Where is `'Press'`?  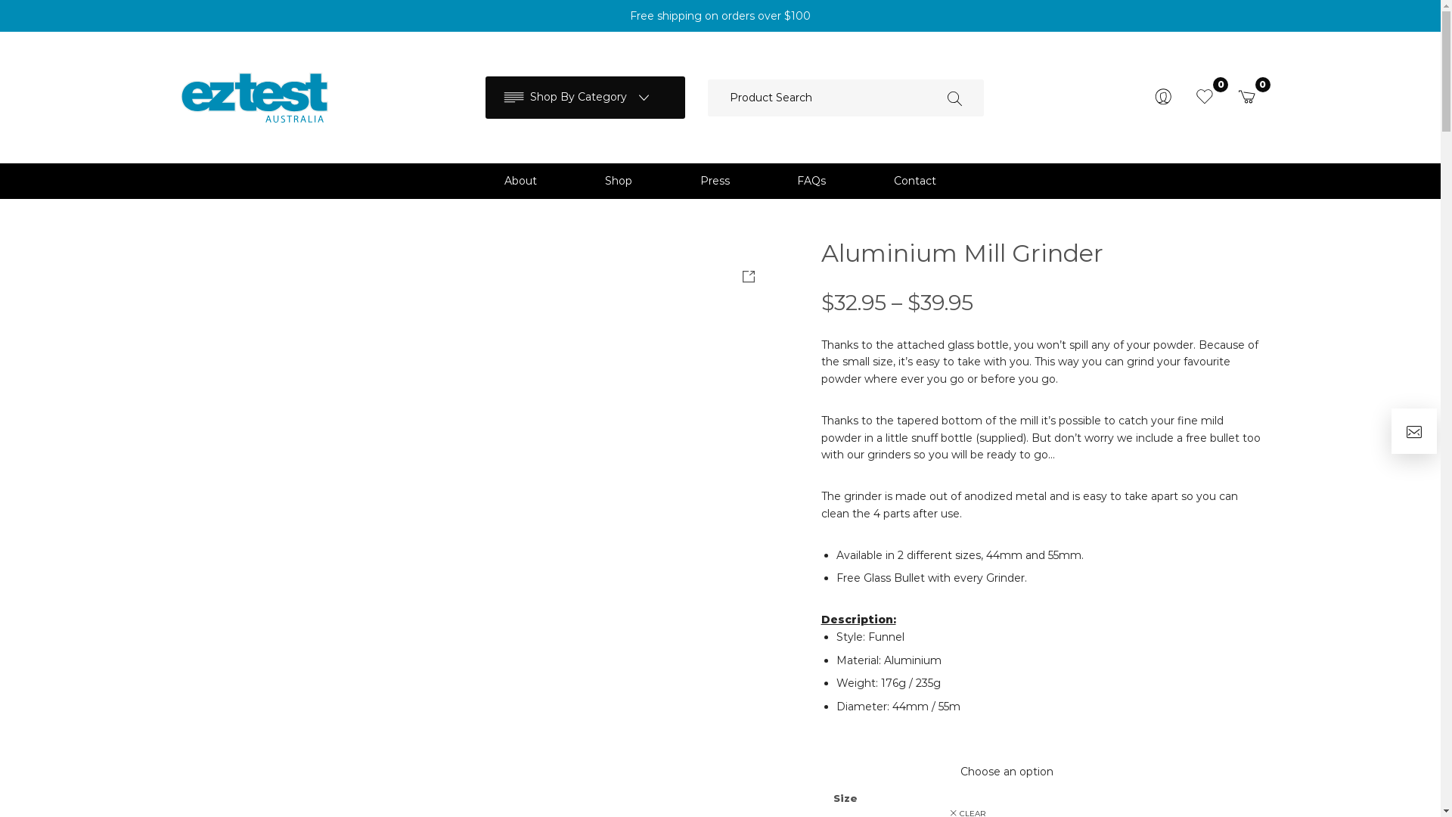
'Press' is located at coordinates (714, 180).